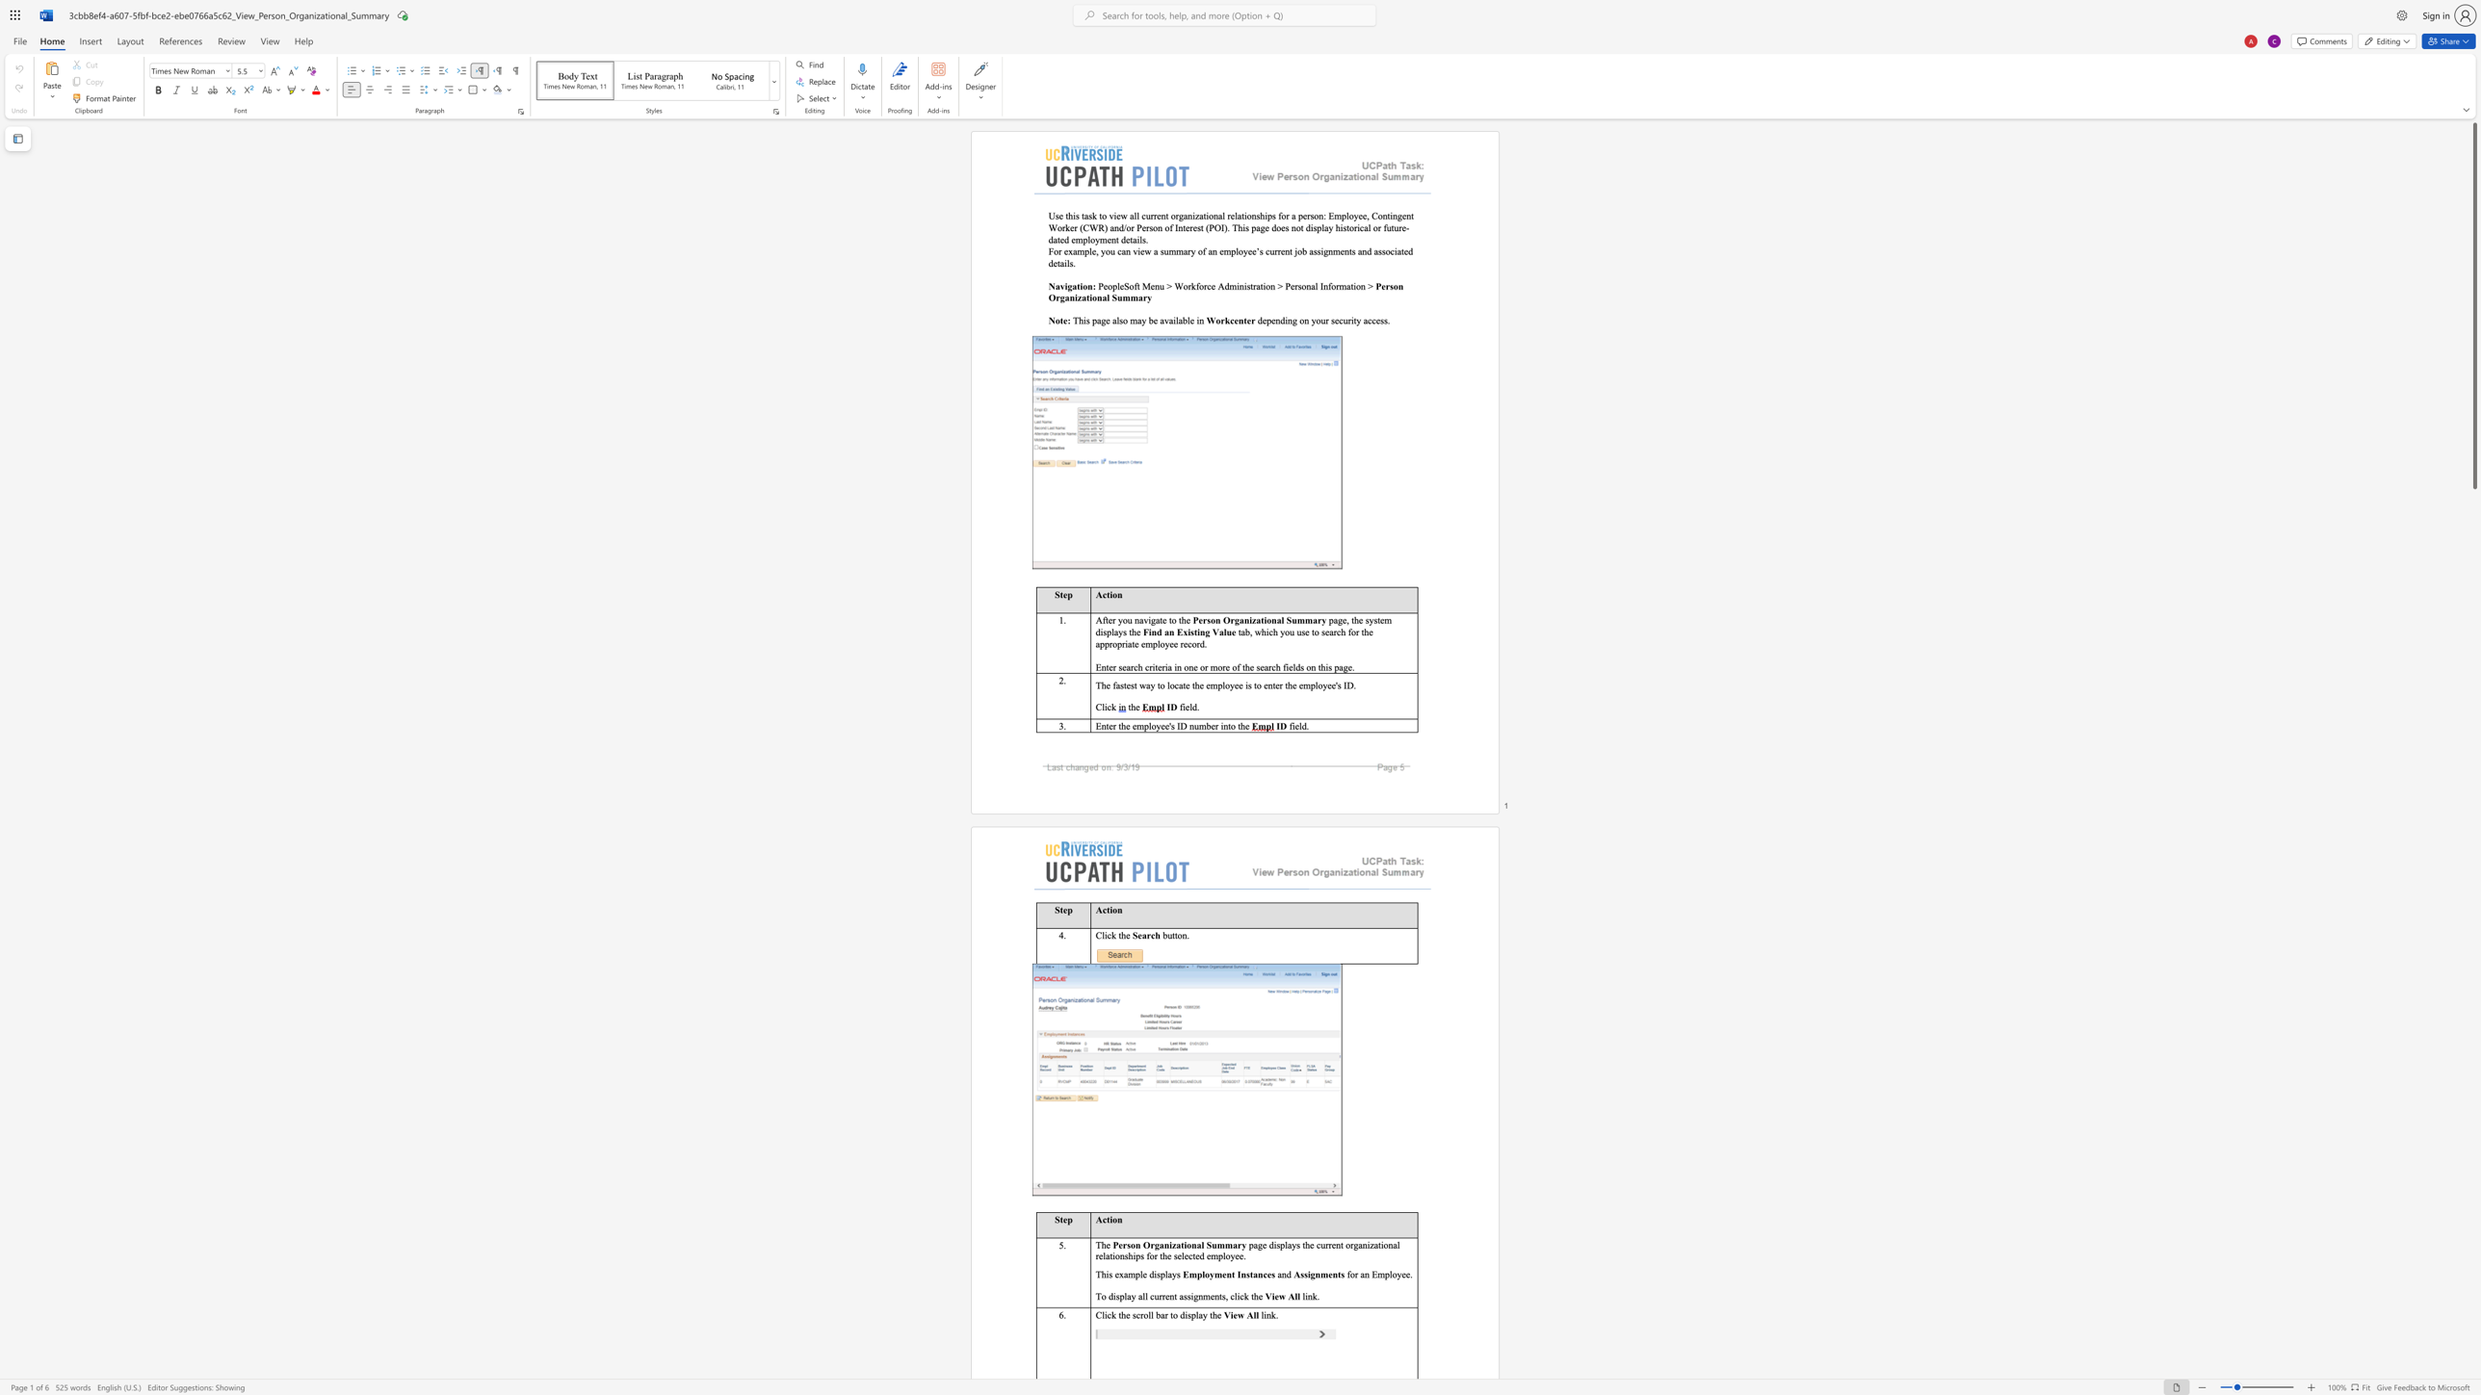  I want to click on the subset text "ab, which you use to search for t" within the text "tab, which you use to search for the", so click(1240, 631).